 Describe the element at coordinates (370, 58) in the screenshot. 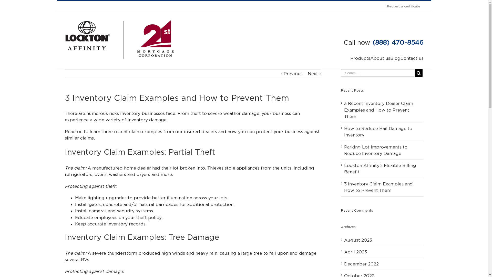

I see `'About us'` at that location.